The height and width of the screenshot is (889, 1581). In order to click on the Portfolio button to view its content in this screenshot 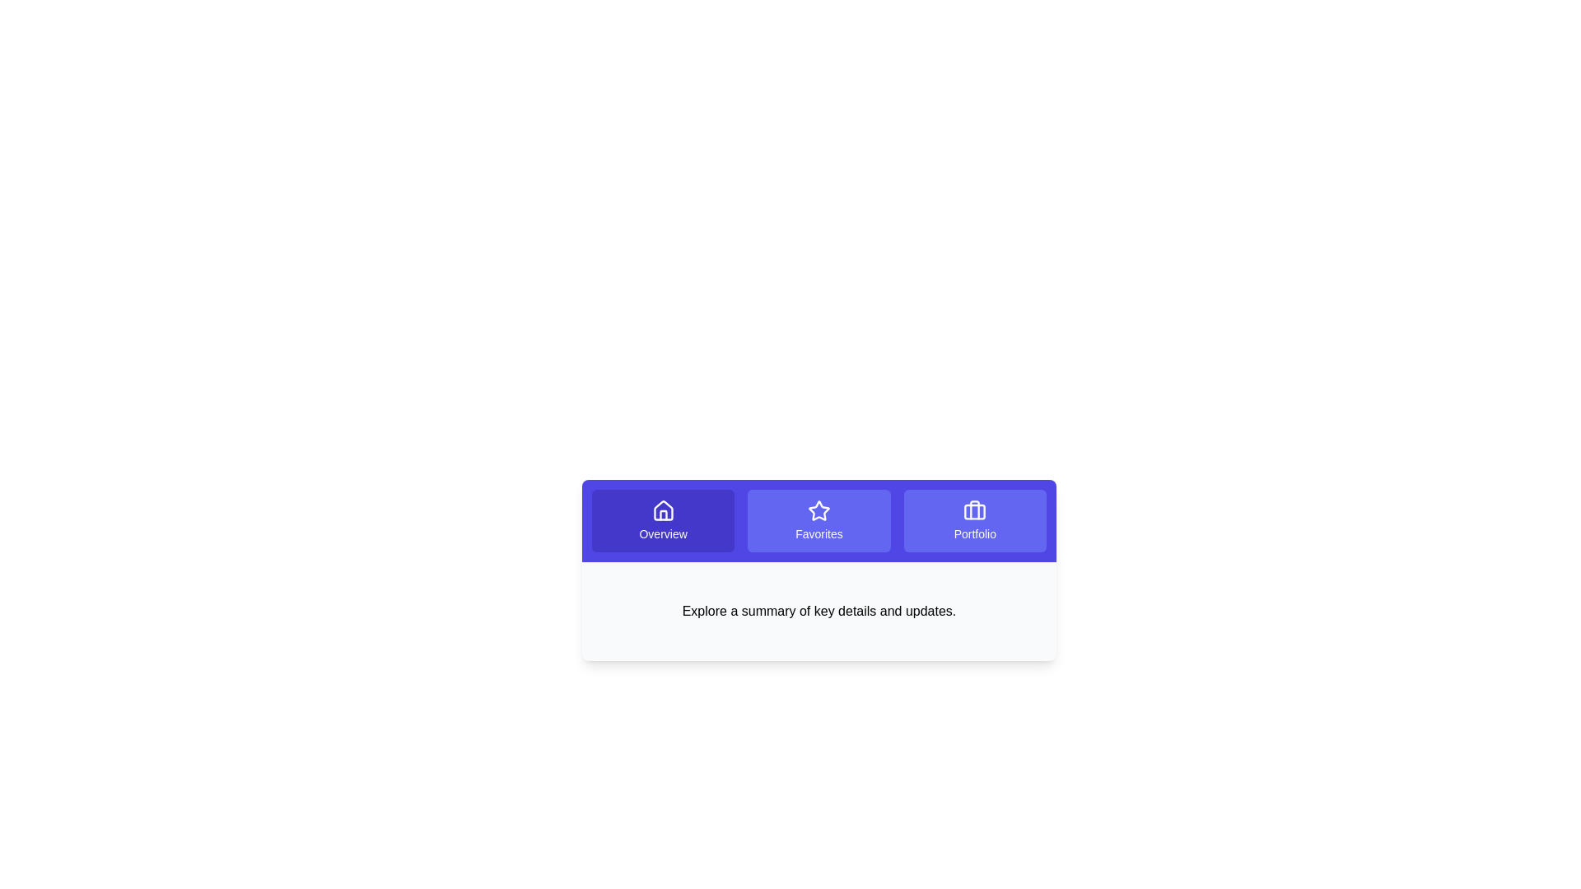, I will do `click(975, 520)`.